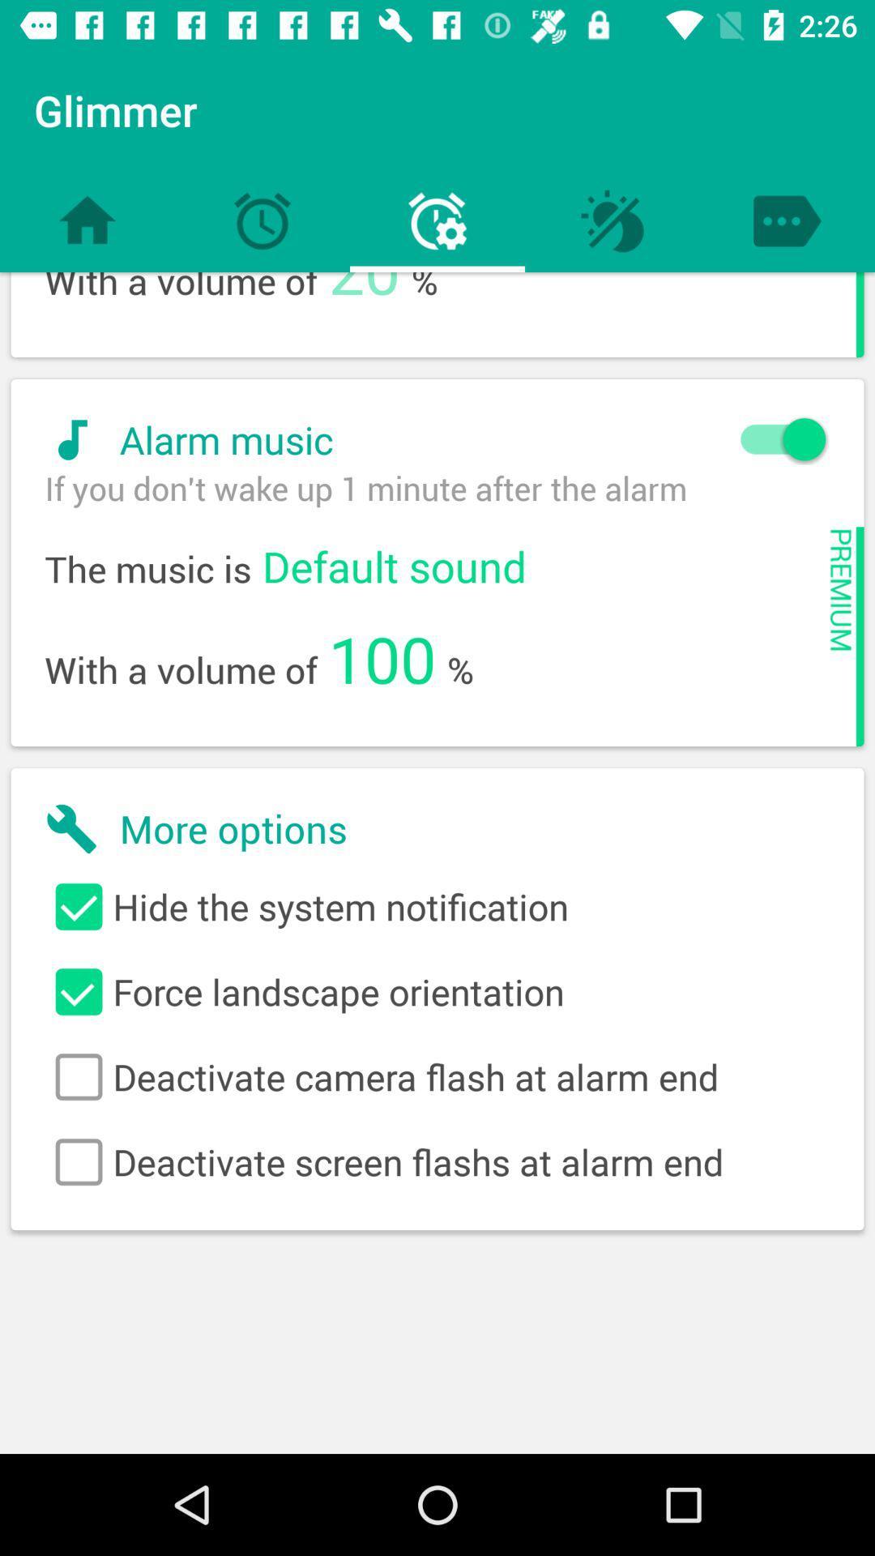 Image resolution: width=875 pixels, height=1556 pixels. Describe the element at coordinates (427, 439) in the screenshot. I see `the item above if you don icon` at that location.